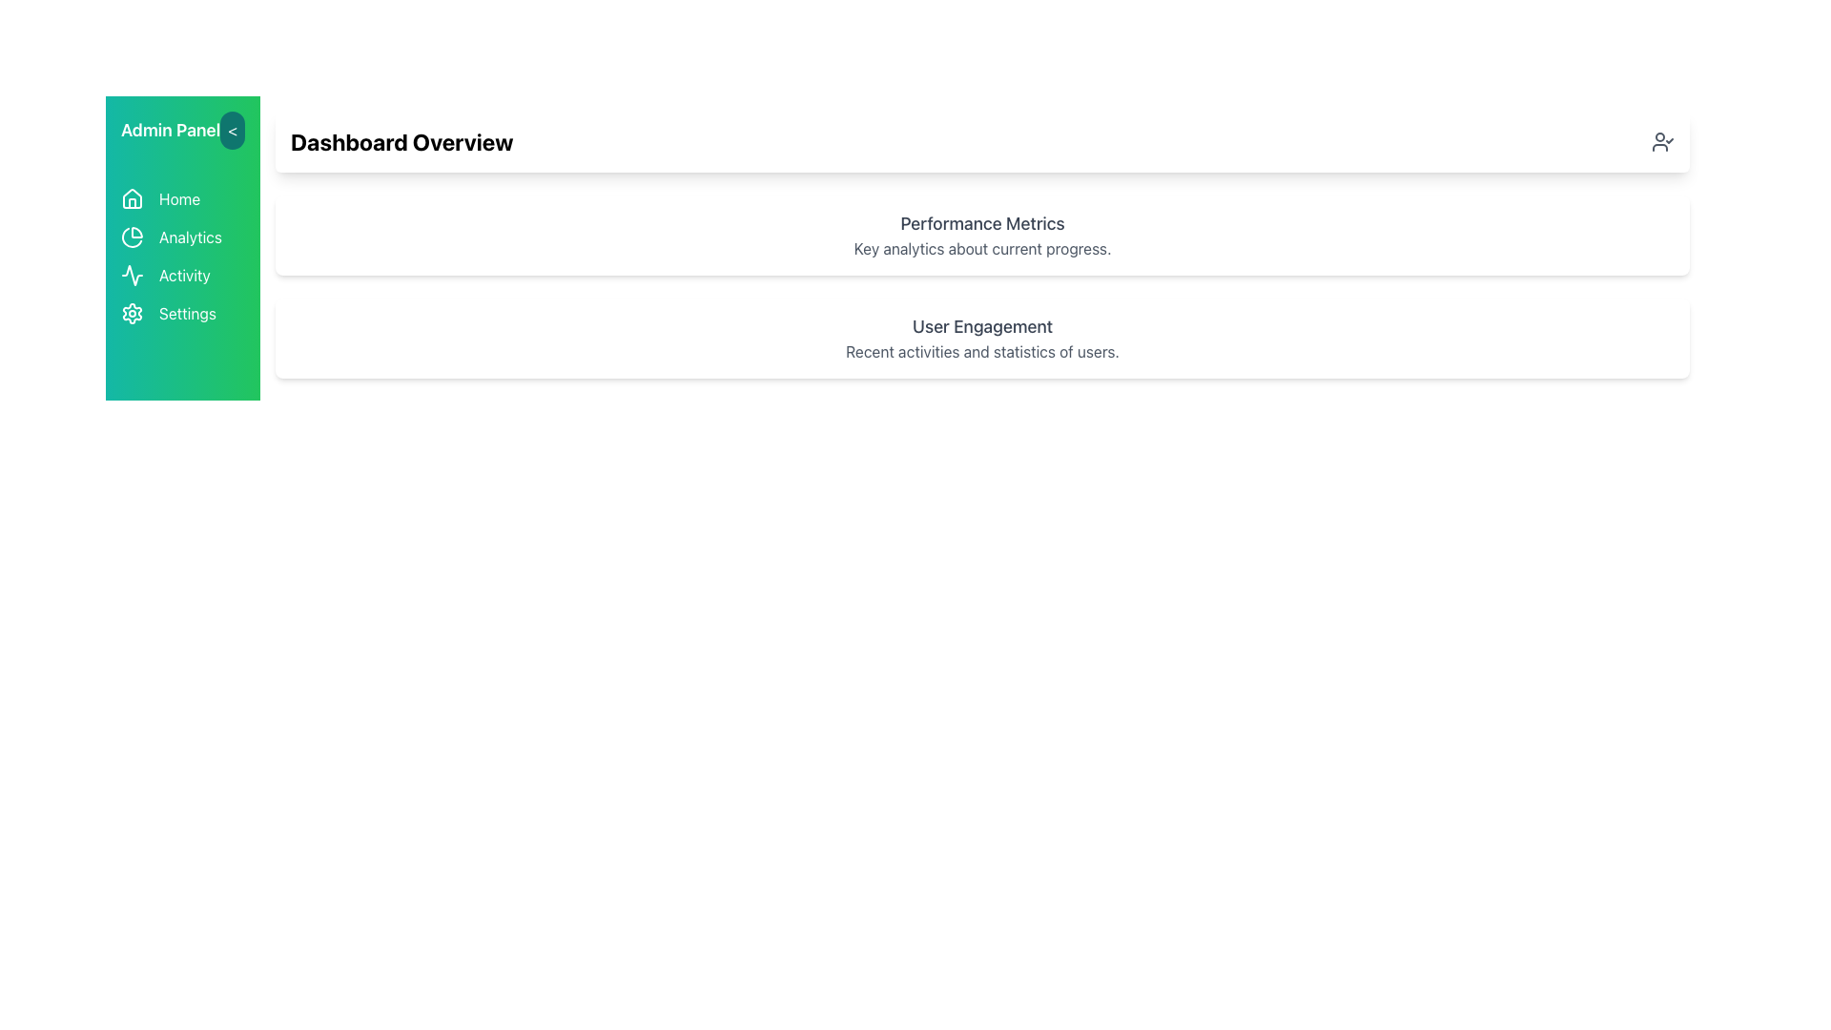 This screenshot has width=1831, height=1030. I want to click on the informational card that displays user engagement activities and statistics, located below the 'Performance Metrics' card in the dashboard layout, so click(982, 337).